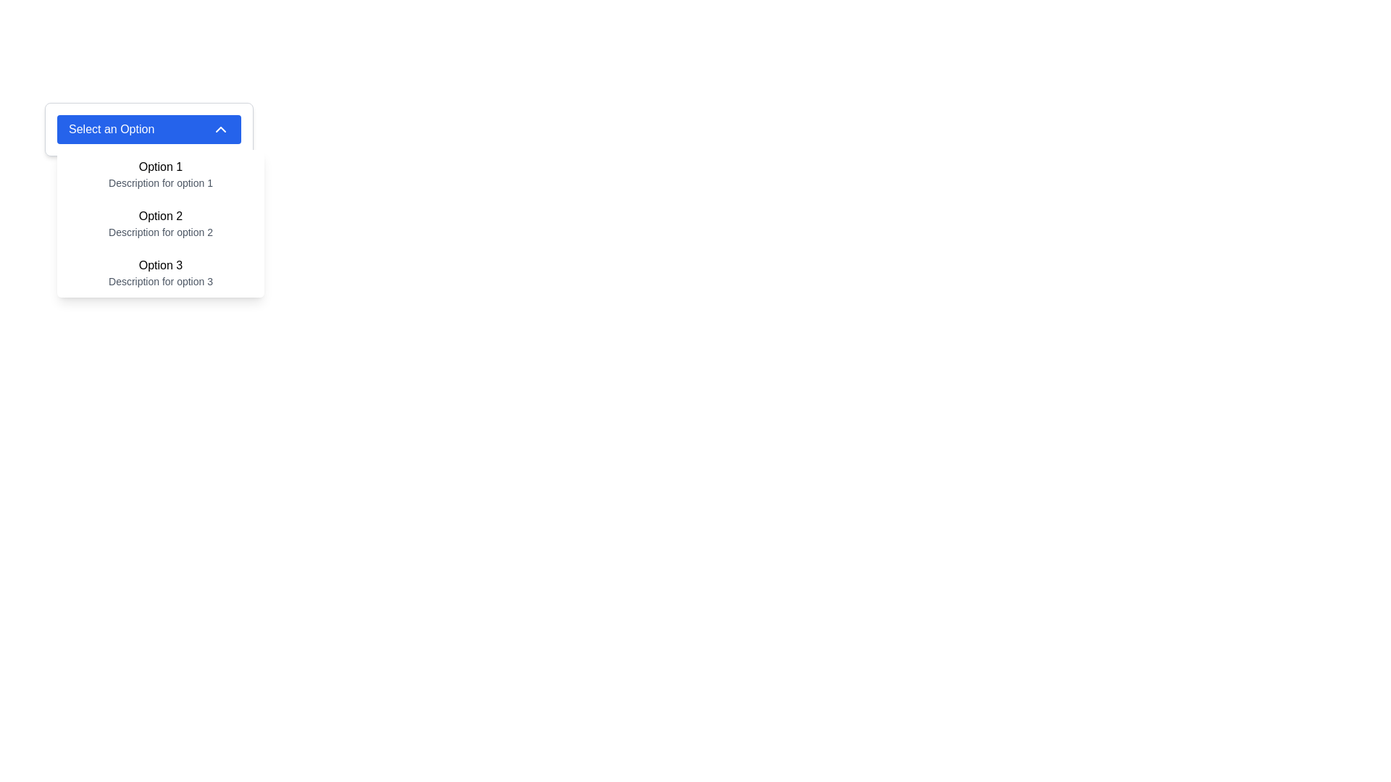 Image resolution: width=1391 pixels, height=782 pixels. What do you see at coordinates (160, 231) in the screenshot?
I see `the descriptive text label located directly below the main label 'Option 2' in the dropdown list` at bounding box center [160, 231].